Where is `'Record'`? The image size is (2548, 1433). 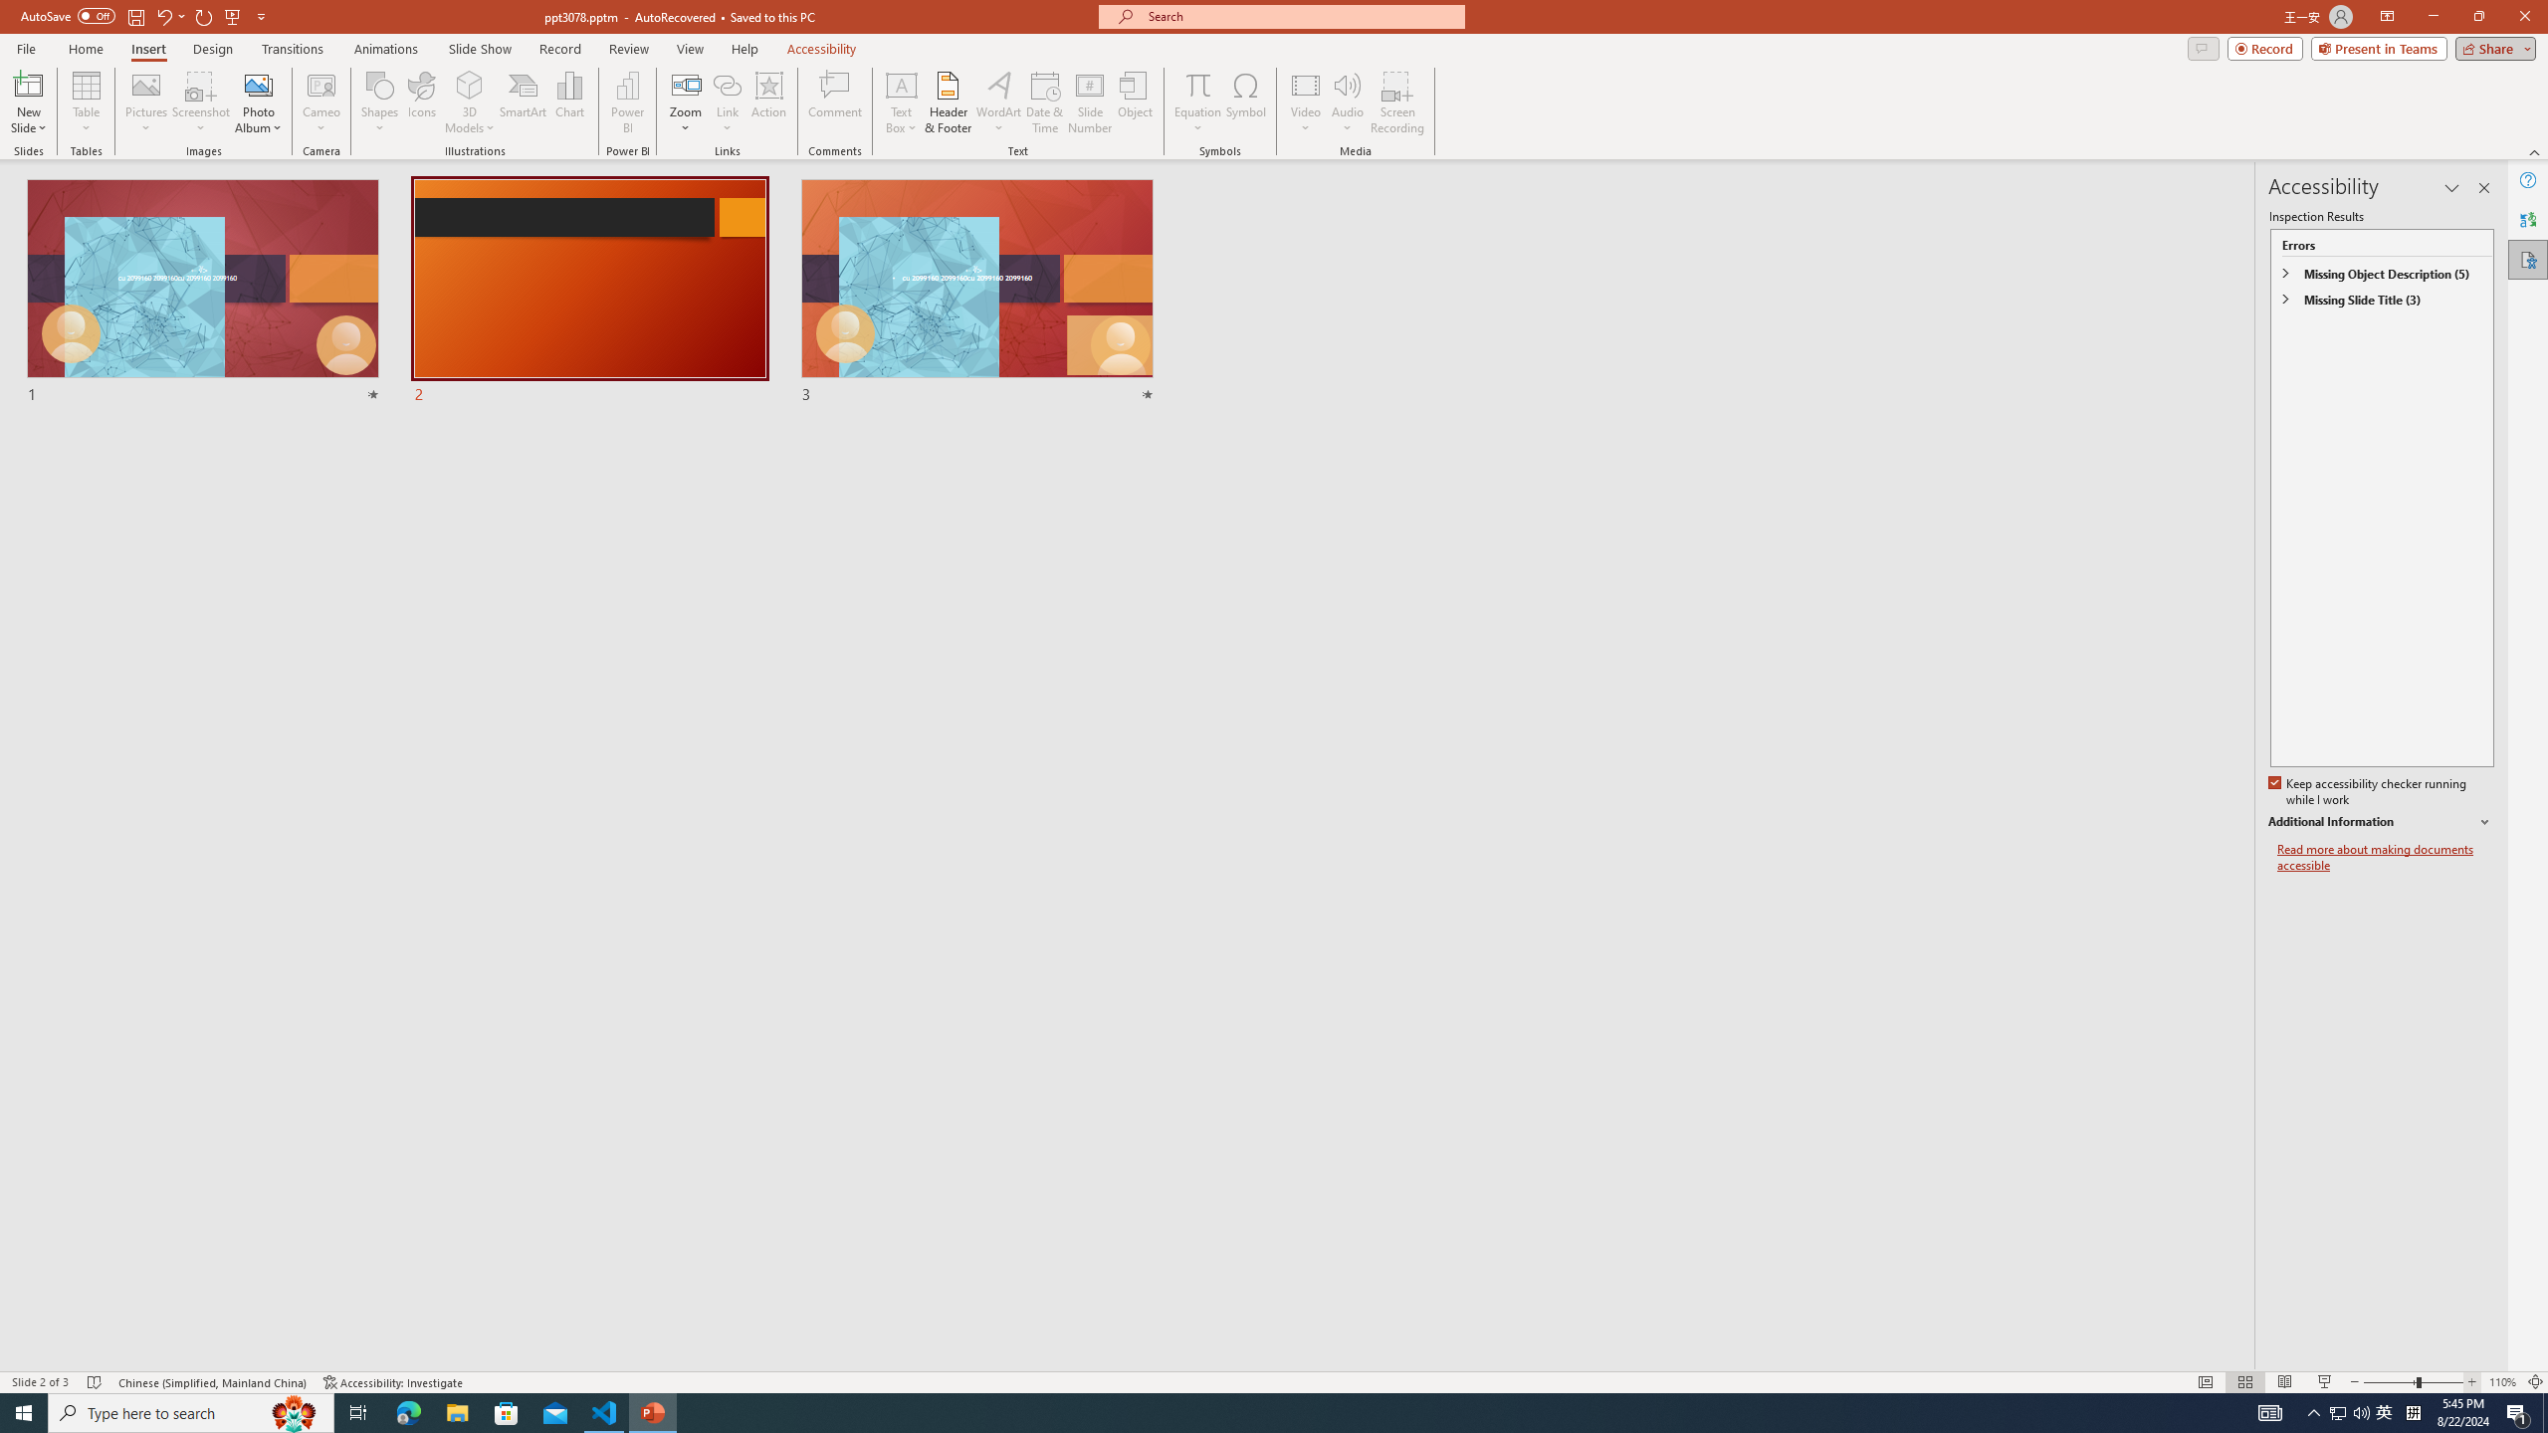 'Record' is located at coordinates (2263, 47).